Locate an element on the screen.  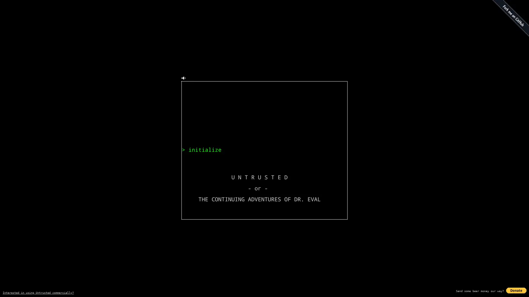
PayPal - The safer, easier way to pay online! is located at coordinates (516, 290).